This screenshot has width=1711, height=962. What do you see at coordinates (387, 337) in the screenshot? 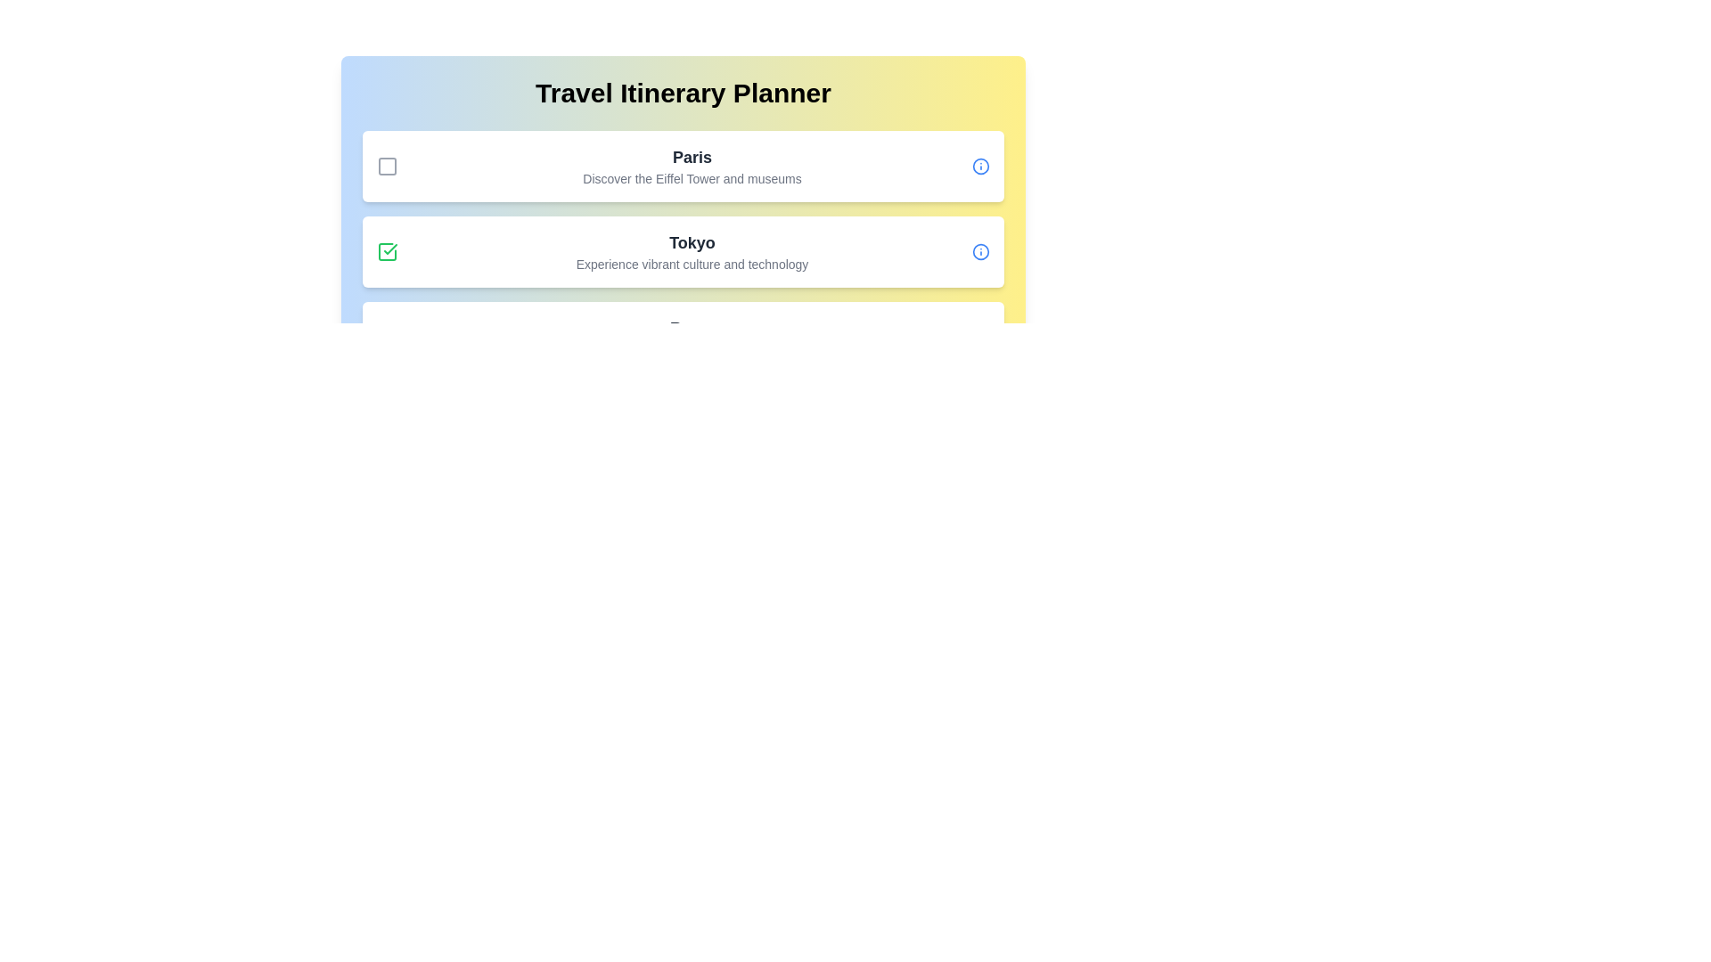
I see `the small square decorative graphic with rounded corners located towards the lower left corner of the interface` at bounding box center [387, 337].